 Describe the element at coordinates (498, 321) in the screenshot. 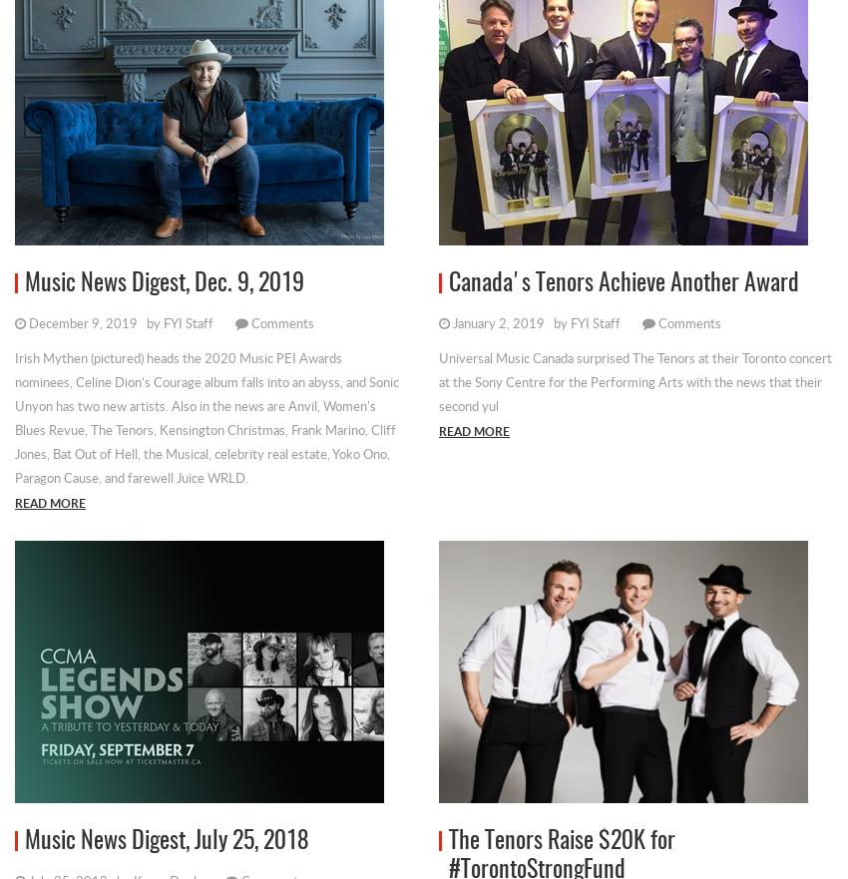

I see `'January 2, 2019'` at that location.